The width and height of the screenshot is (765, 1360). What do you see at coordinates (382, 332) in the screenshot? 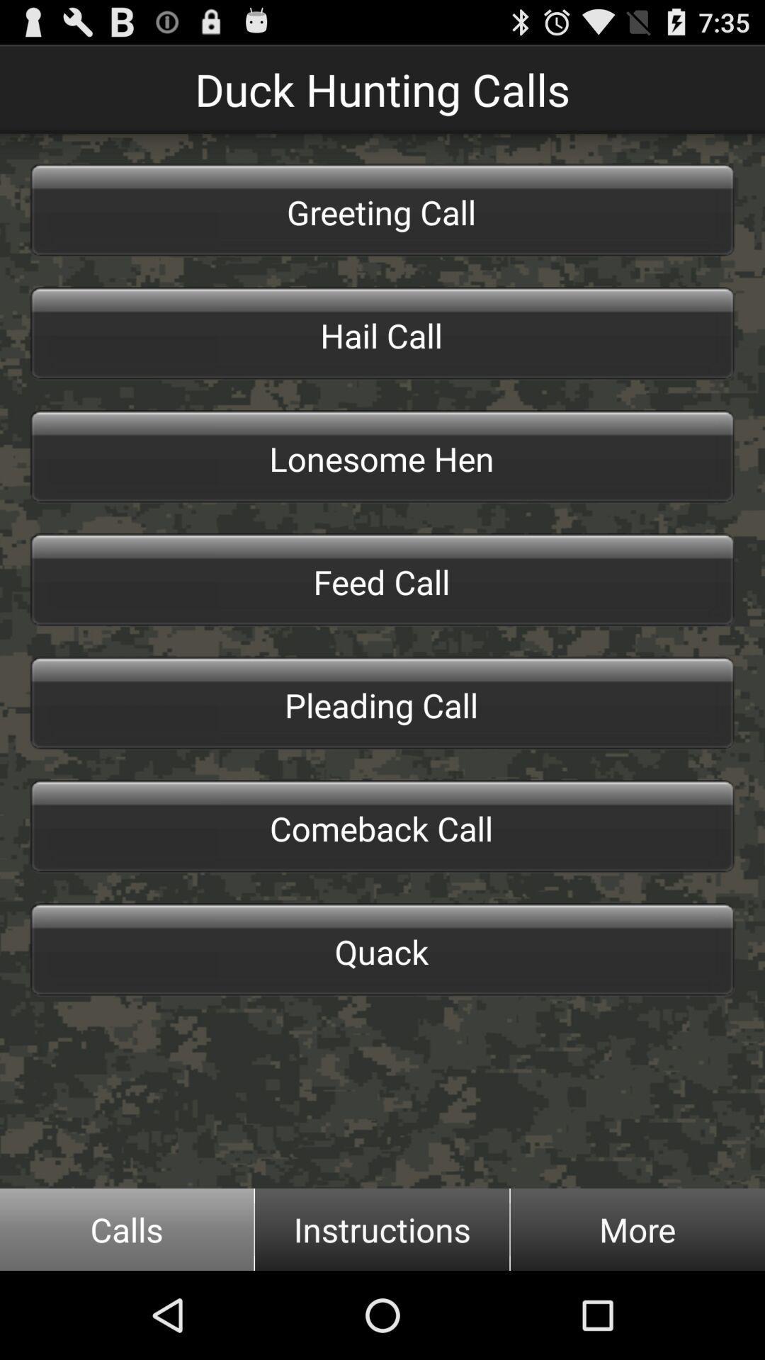
I see `the icon below the greeting call icon` at bounding box center [382, 332].